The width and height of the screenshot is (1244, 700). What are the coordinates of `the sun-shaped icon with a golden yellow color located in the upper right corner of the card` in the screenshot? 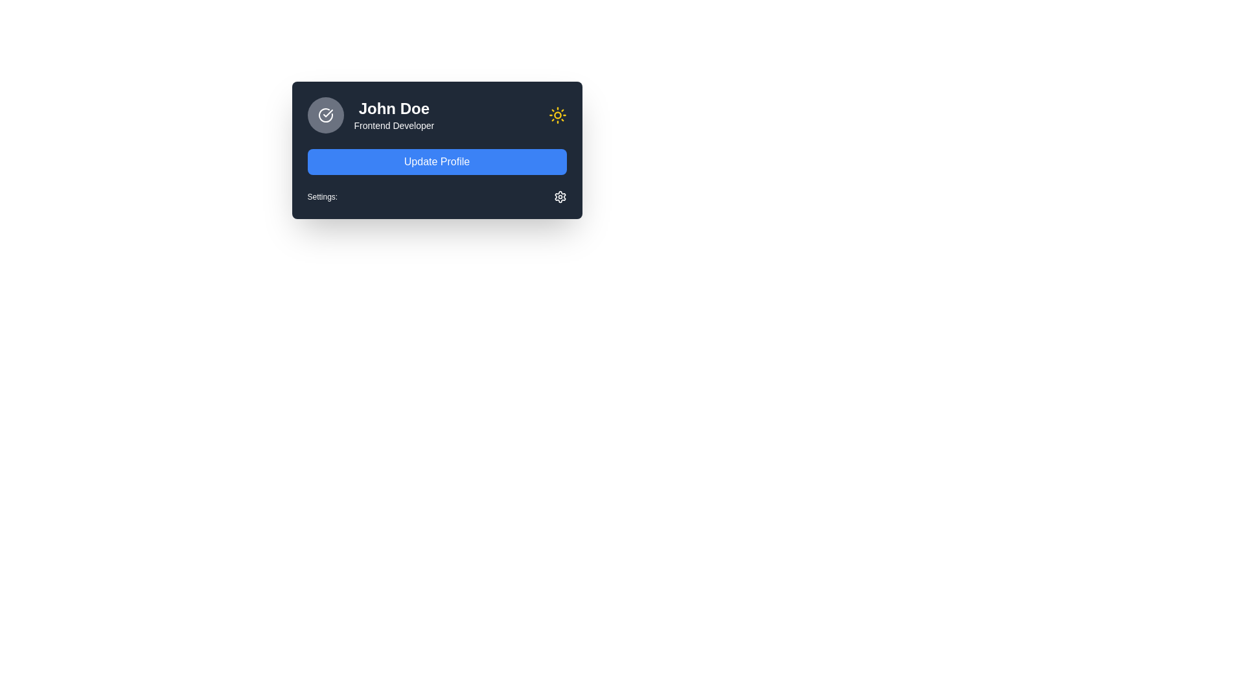 It's located at (557, 114).